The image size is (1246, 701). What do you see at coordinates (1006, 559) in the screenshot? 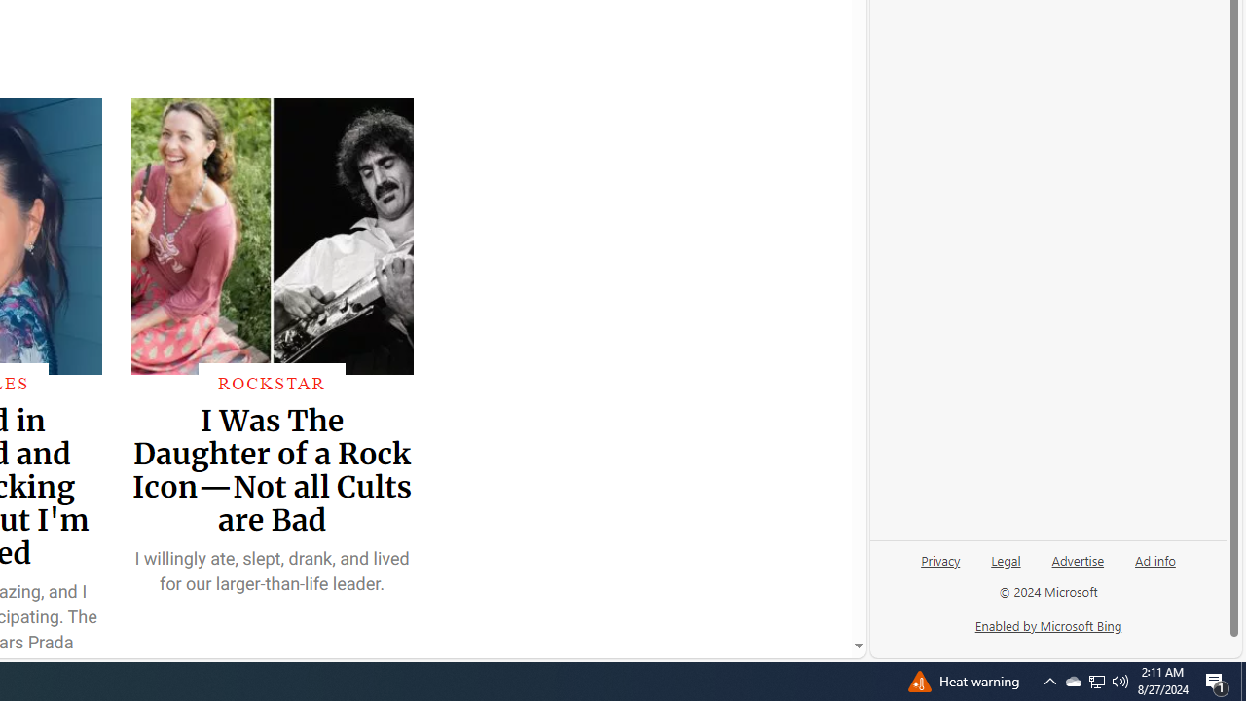
I see `'Legal'` at bounding box center [1006, 559].